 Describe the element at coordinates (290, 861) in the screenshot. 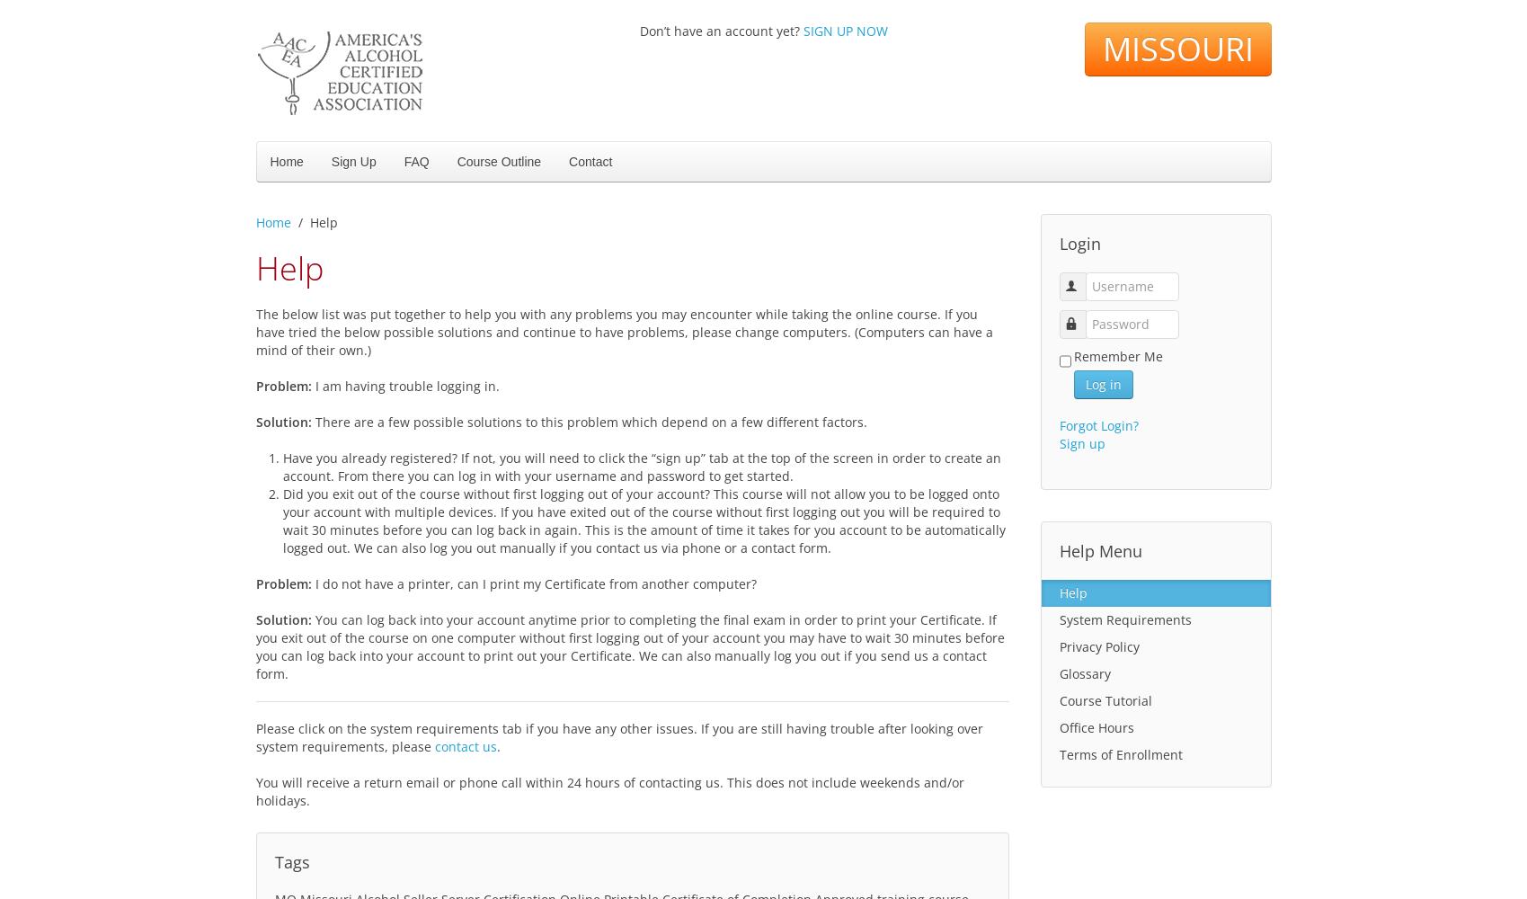

I see `'Tags'` at that location.